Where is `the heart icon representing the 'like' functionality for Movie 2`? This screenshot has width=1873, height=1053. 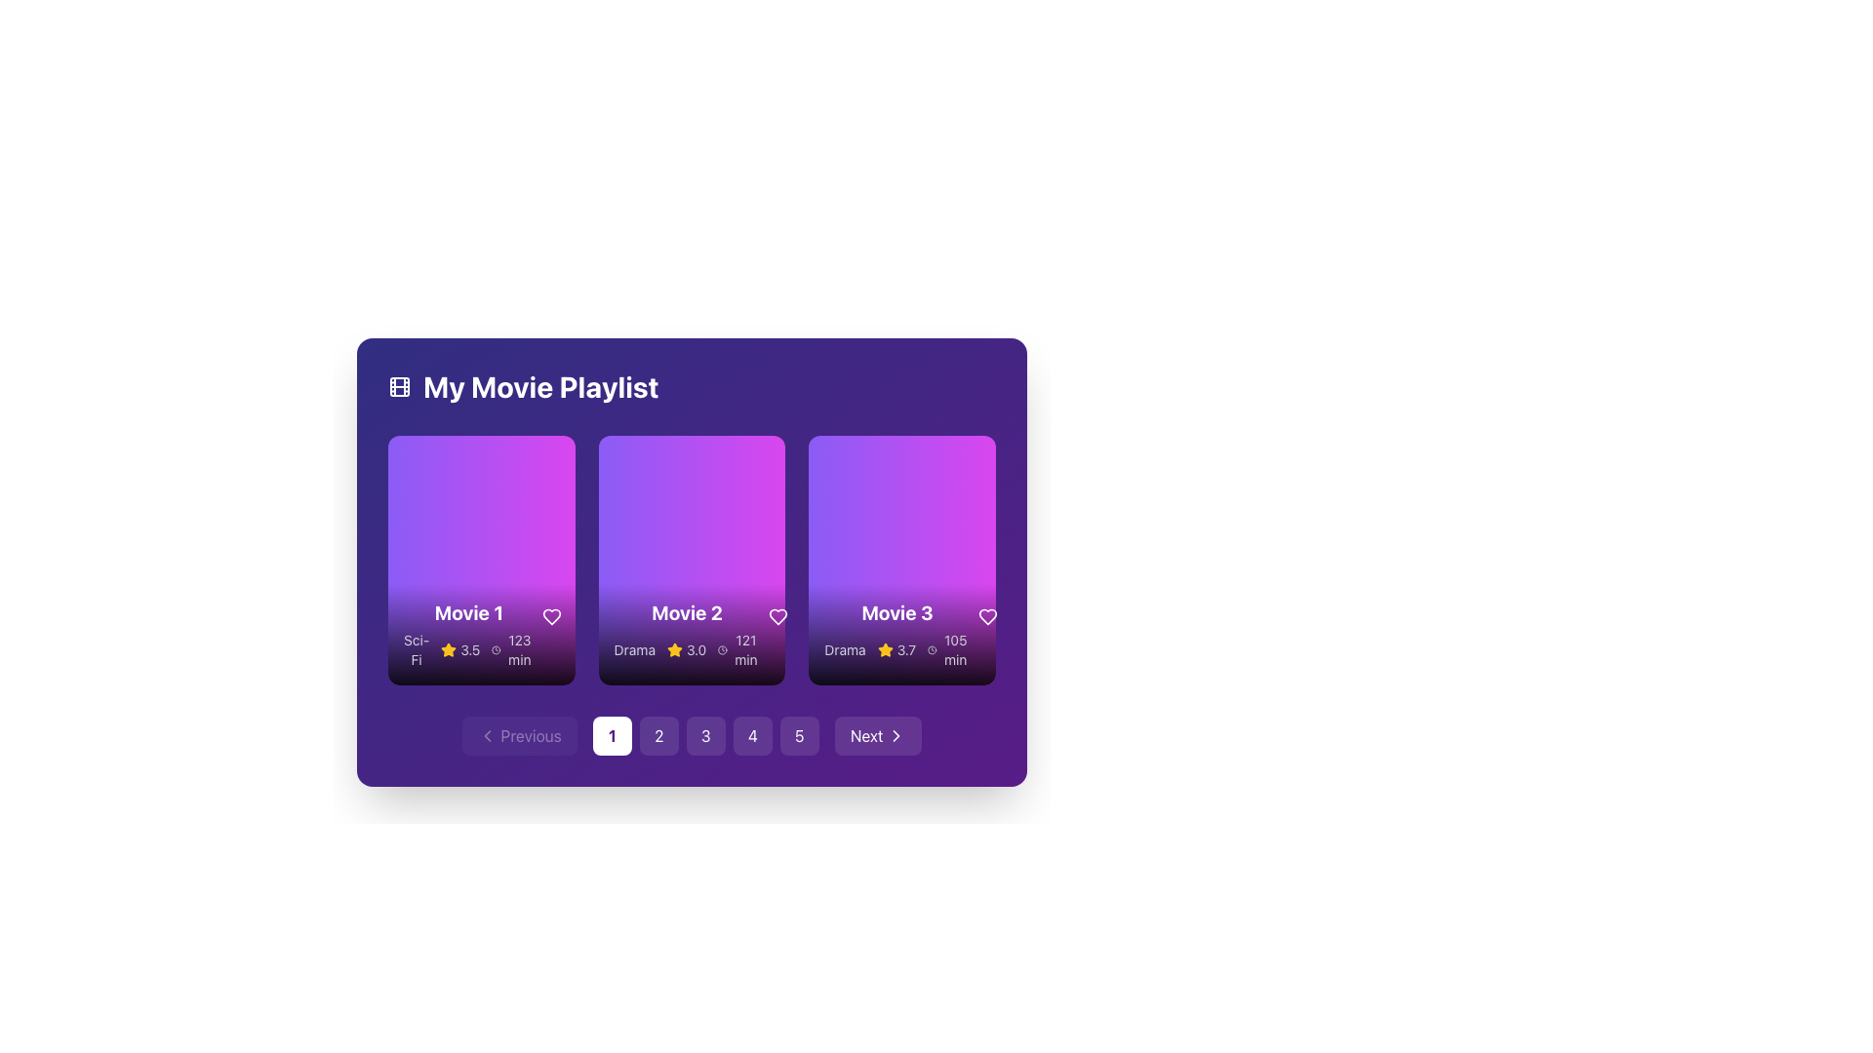
the heart icon representing the 'like' functionality for Movie 2 is located at coordinates (987, 616).